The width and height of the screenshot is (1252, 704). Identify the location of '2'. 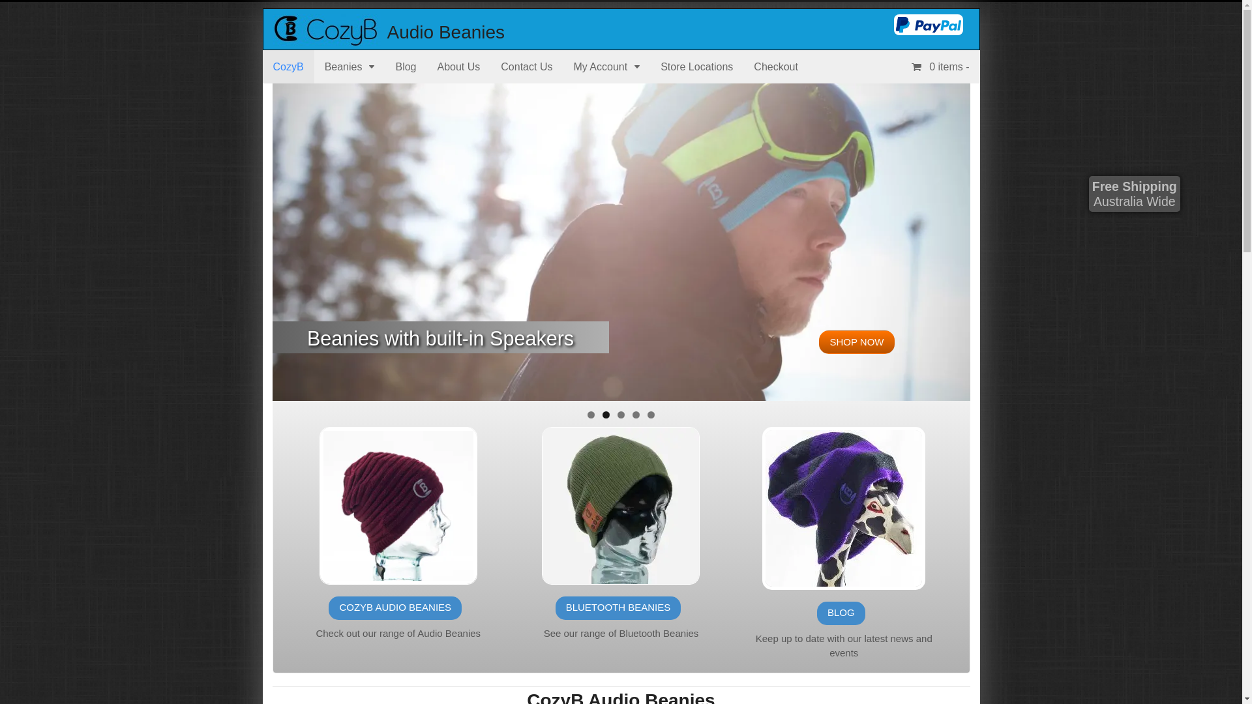
(602, 415).